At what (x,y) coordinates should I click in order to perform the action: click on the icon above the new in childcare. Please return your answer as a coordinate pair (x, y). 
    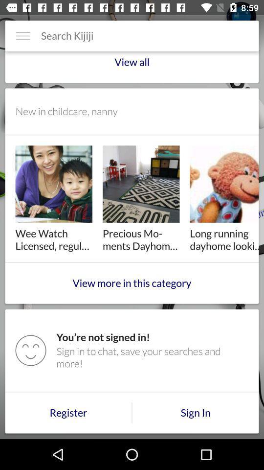
    Looking at the image, I should click on (132, 66).